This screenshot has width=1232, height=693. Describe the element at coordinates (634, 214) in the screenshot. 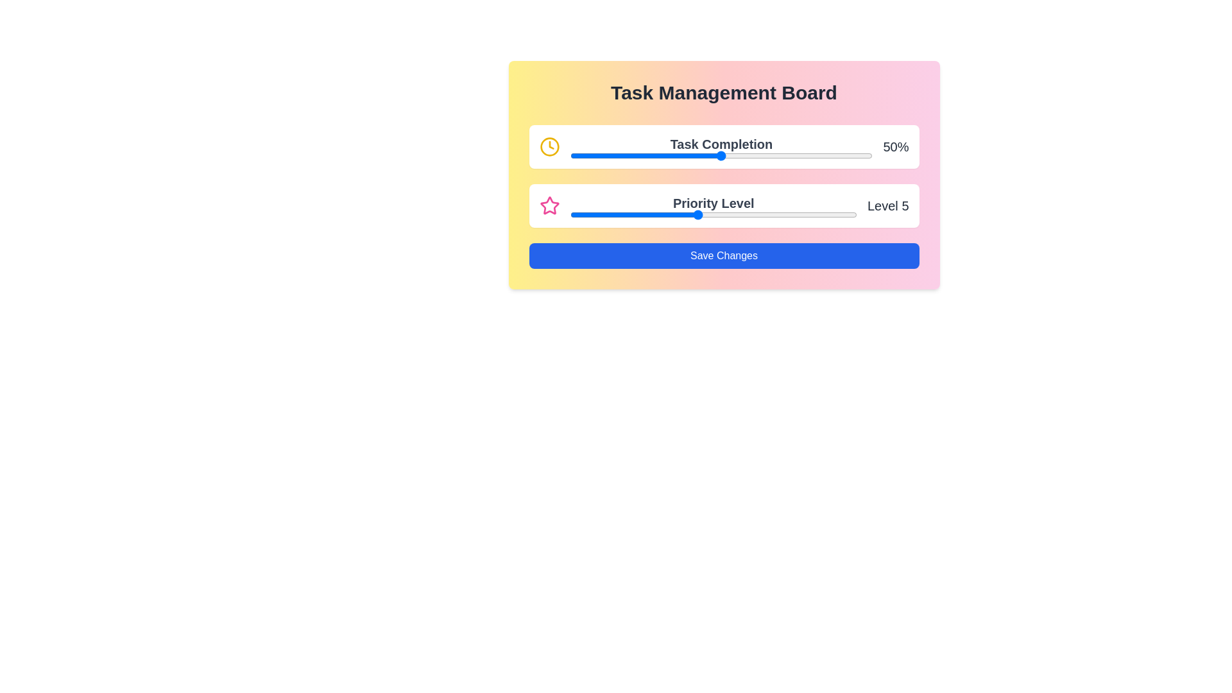

I see `priority level` at that location.